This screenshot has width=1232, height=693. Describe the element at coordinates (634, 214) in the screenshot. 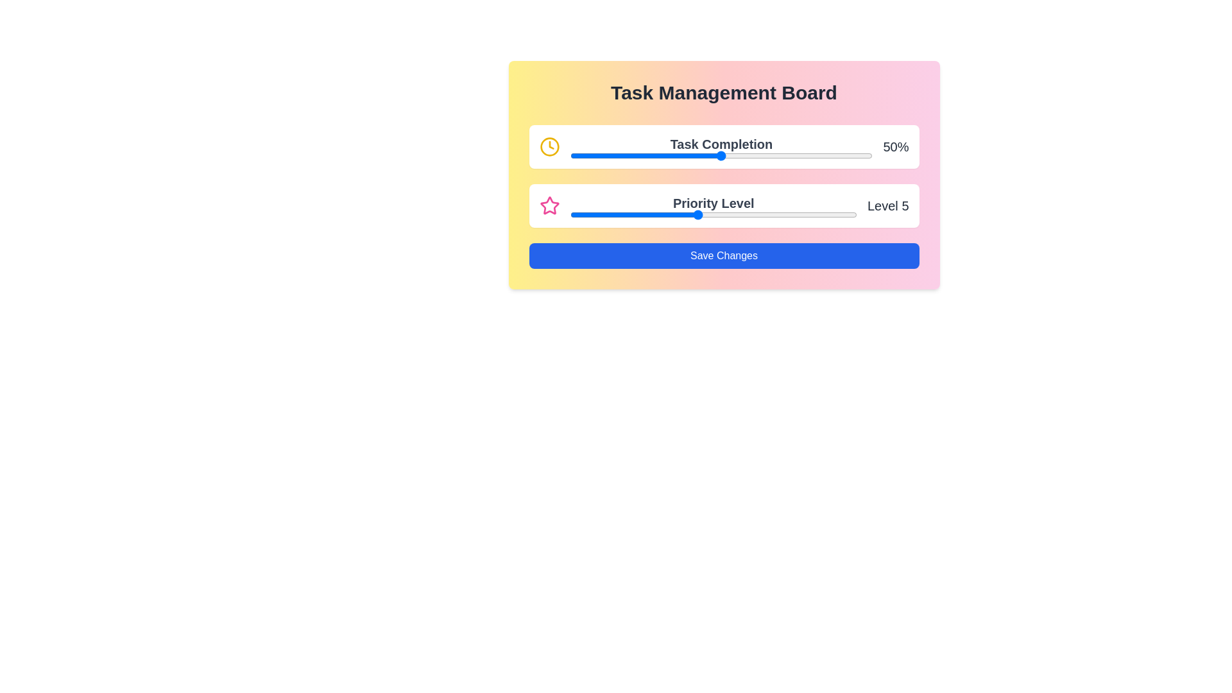

I see `priority level` at that location.